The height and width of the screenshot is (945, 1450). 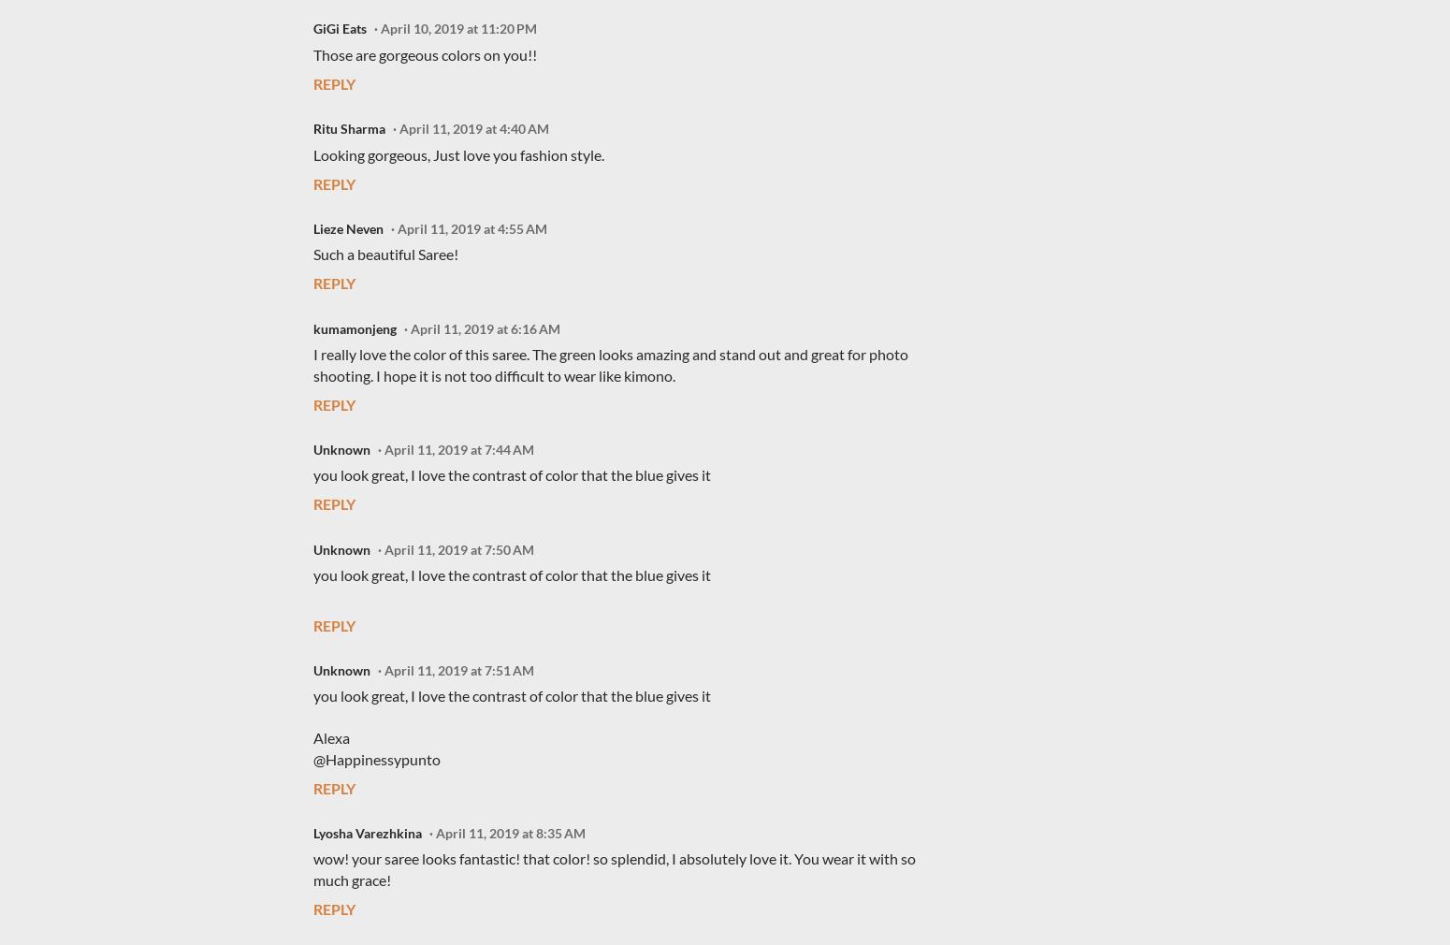 What do you see at coordinates (348, 127) in the screenshot?
I see `'Ritu Sharma'` at bounding box center [348, 127].